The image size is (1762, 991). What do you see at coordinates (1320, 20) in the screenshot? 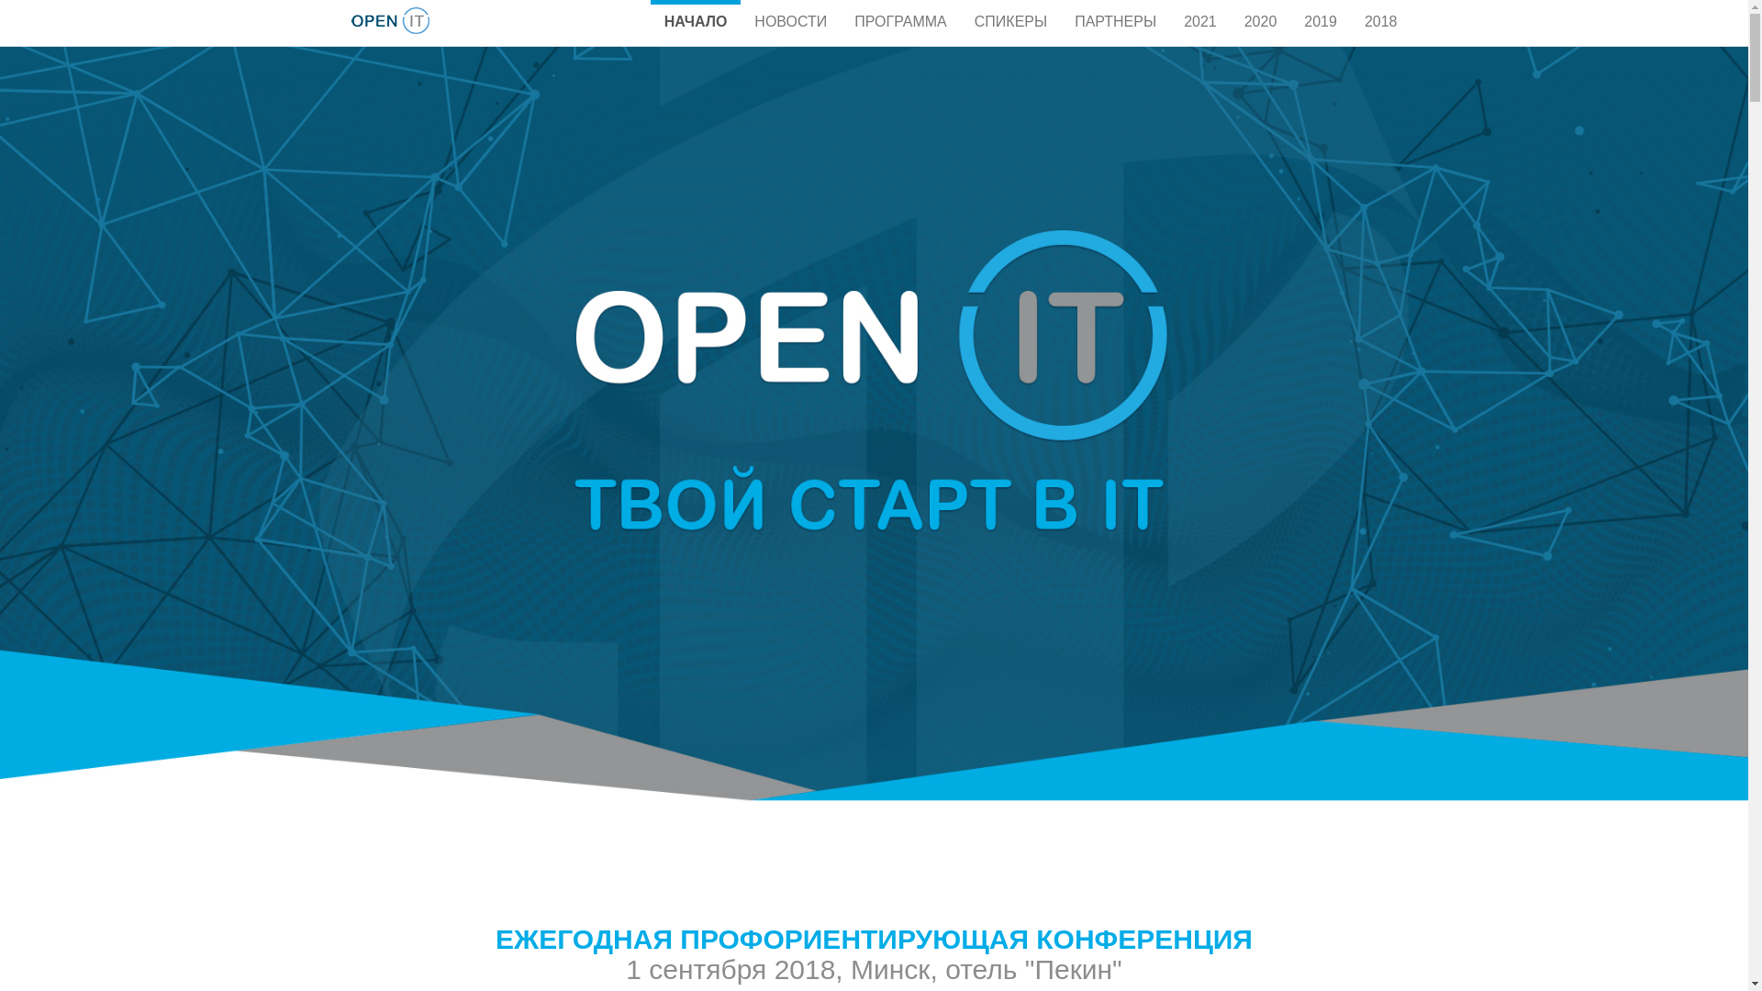
I see `'2019'` at bounding box center [1320, 20].